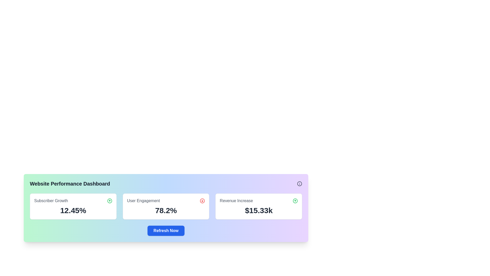 This screenshot has width=490, height=276. I want to click on the circular SVG icon with a green stroke located in the 'Revenue Increase' section of the dashboard, positioned to the right of the other sections, so click(109, 201).